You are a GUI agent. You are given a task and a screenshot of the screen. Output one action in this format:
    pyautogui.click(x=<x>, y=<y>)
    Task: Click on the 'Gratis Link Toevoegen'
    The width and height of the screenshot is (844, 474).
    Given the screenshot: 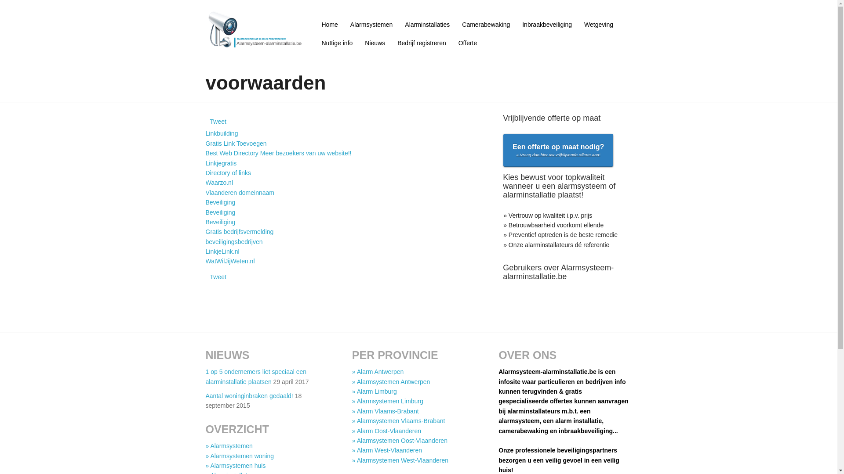 What is the action you would take?
    pyautogui.click(x=236, y=143)
    